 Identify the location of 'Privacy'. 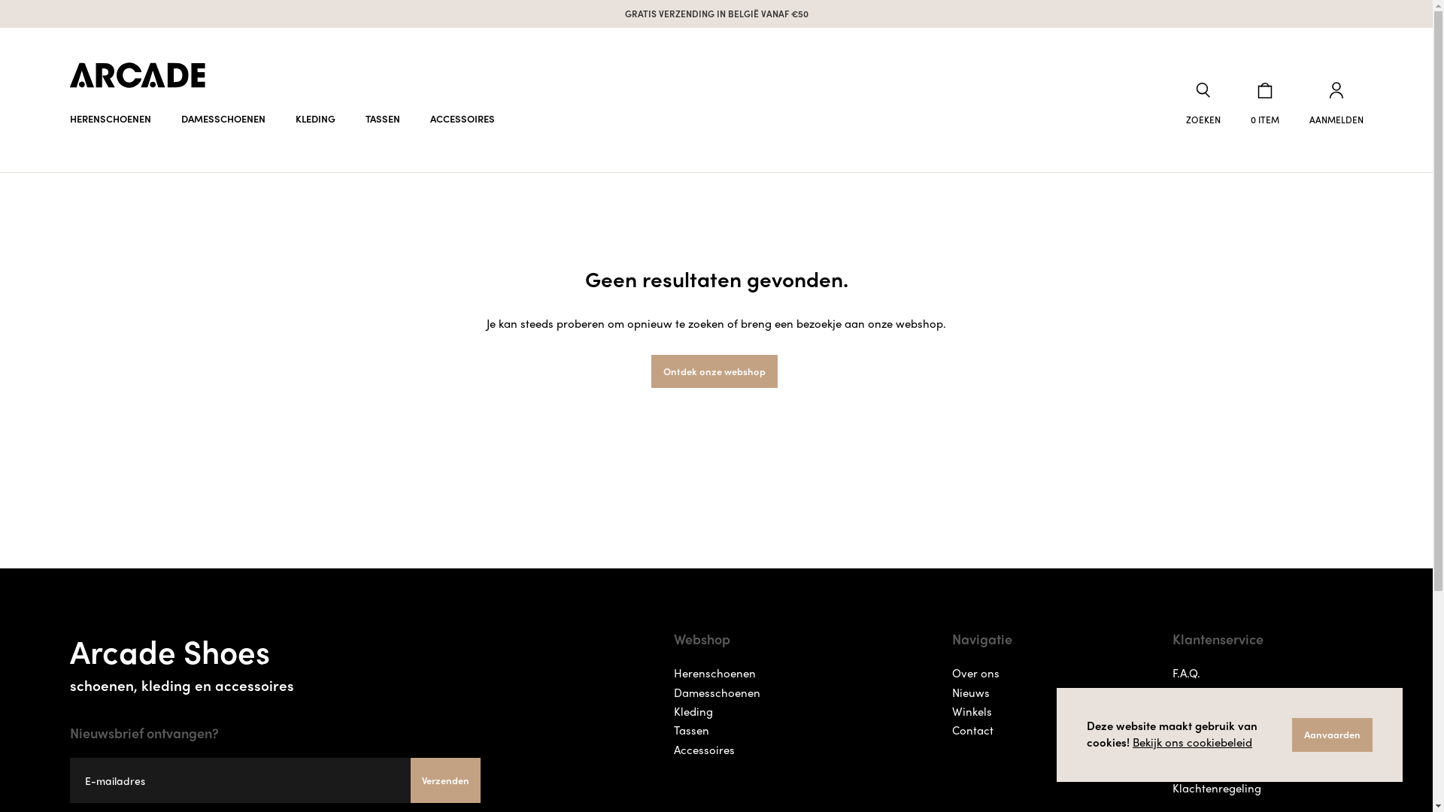
(1191, 692).